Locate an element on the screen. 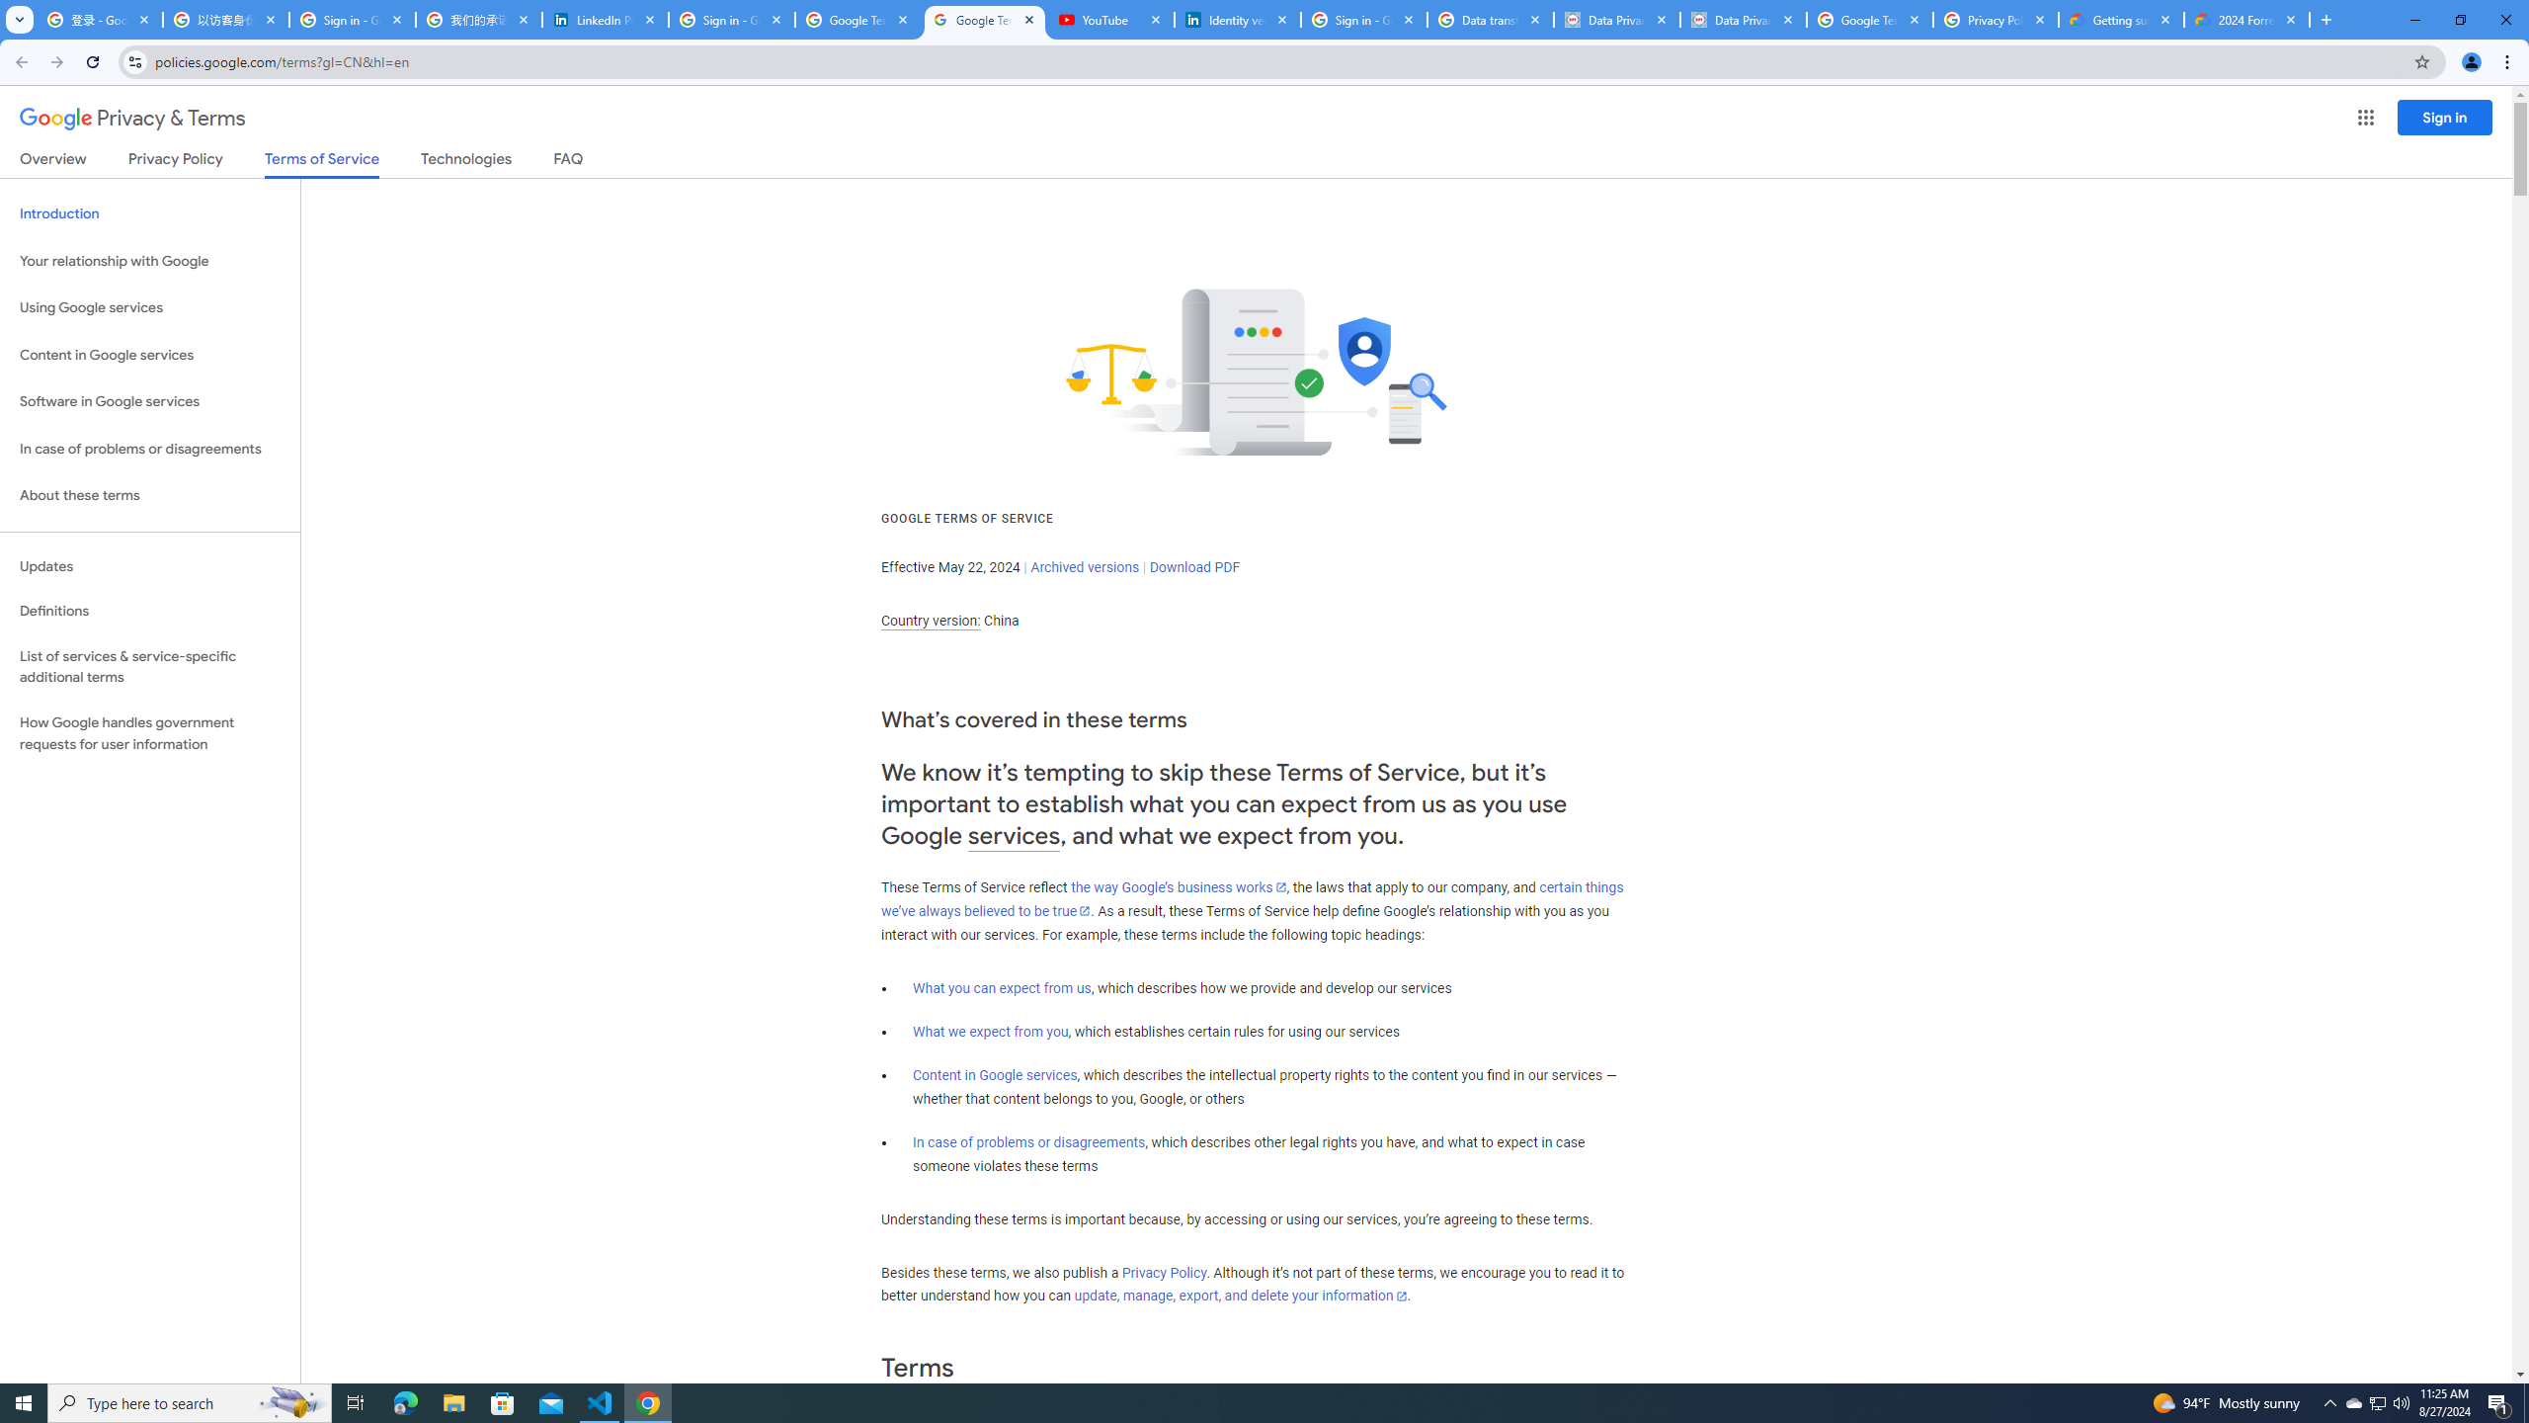 This screenshot has width=2529, height=1423. 'Back' is located at coordinates (19, 61).